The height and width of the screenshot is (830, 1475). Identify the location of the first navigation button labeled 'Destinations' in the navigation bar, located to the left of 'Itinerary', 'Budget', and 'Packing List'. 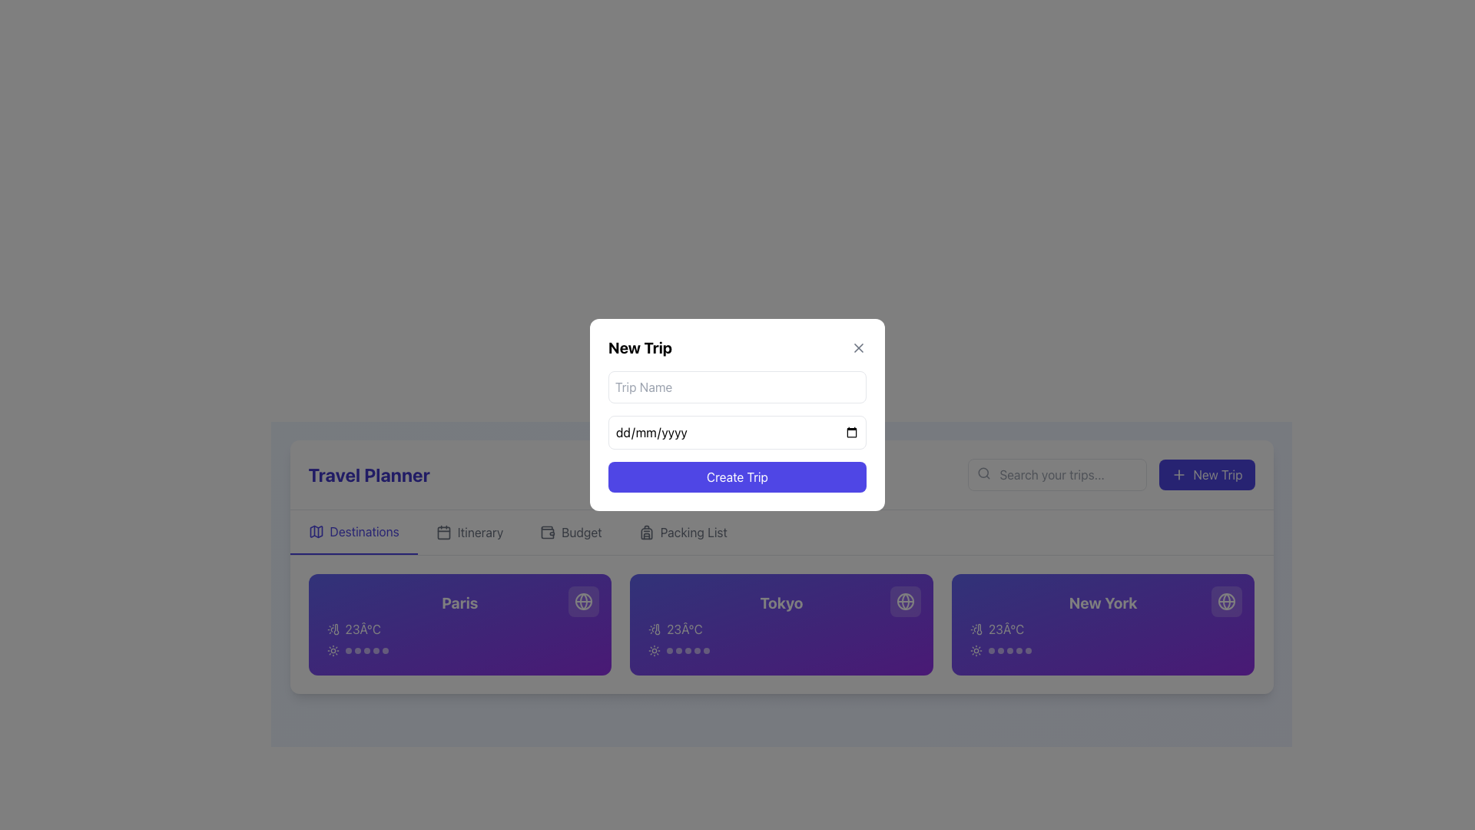
(353, 532).